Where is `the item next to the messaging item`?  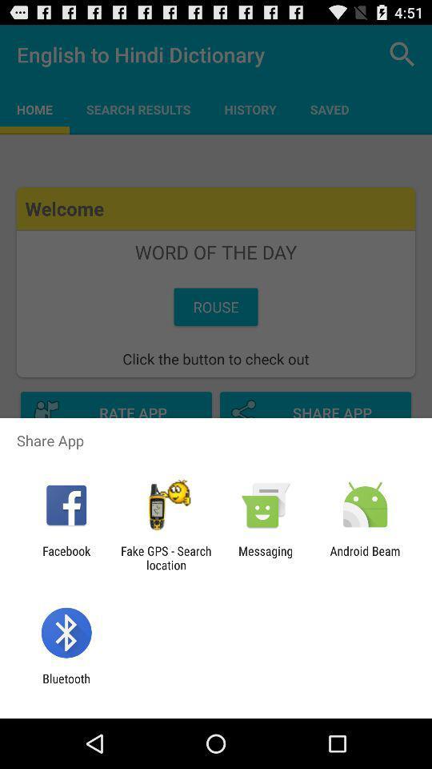
the item next to the messaging item is located at coordinates (165, 558).